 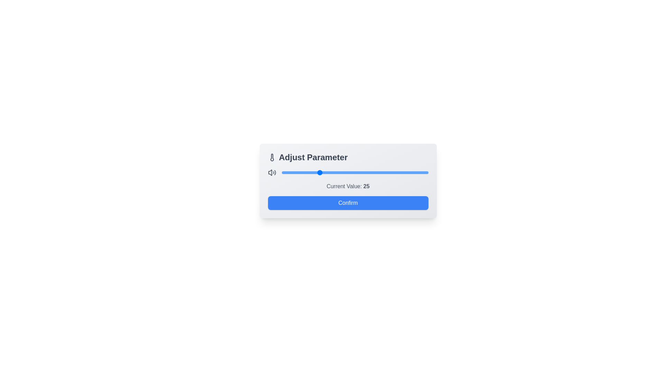 What do you see at coordinates (270, 172) in the screenshot?
I see `the leftmost part of the speaker icon, which is a geometric shape transitioning into a sound amplifier design, located near the top-left corner of the modal dialog box` at bounding box center [270, 172].